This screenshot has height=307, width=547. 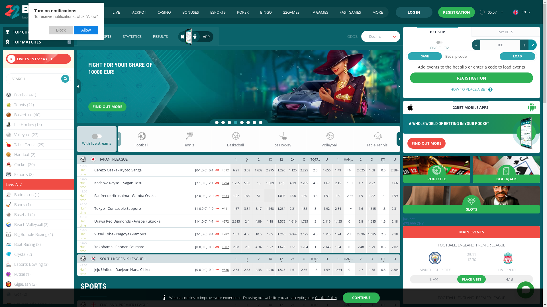 I want to click on 'TV GAMES', so click(x=305, y=12).